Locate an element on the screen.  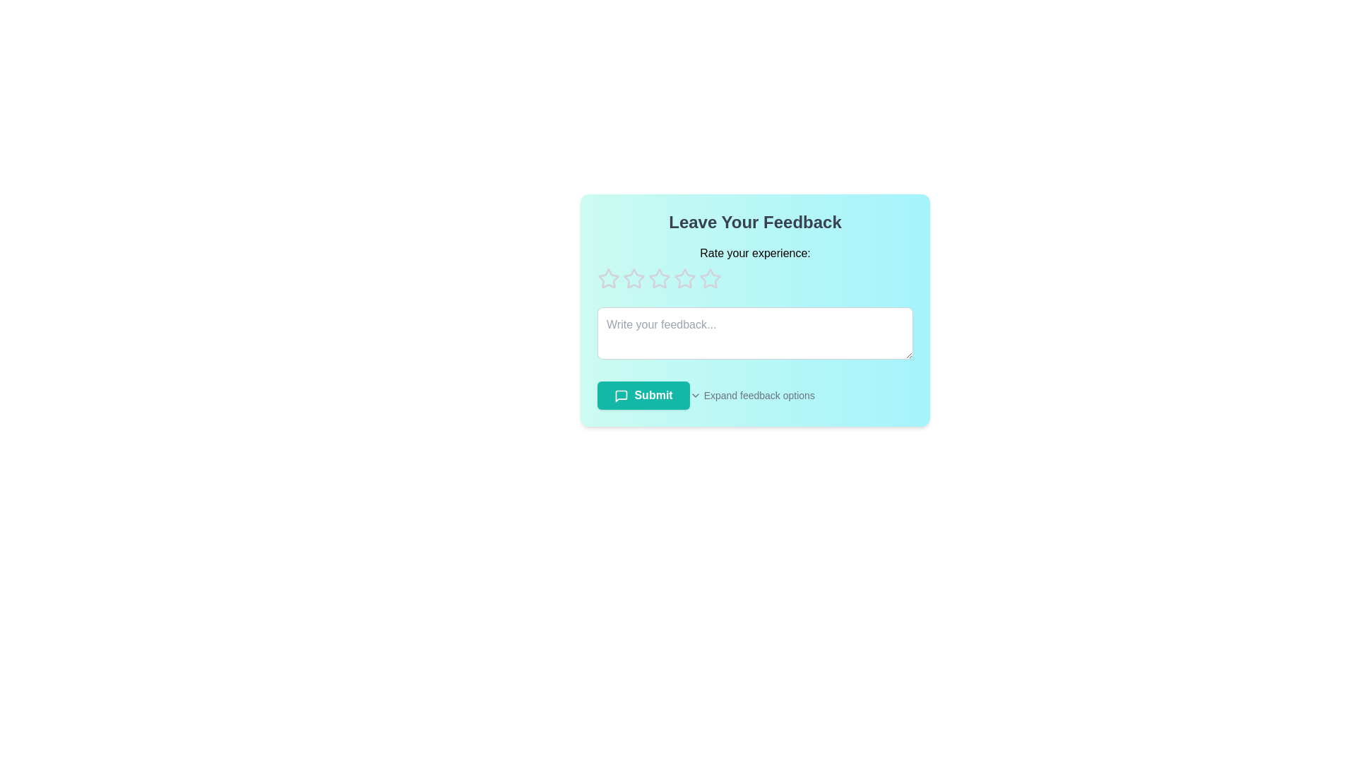
the descriptive text label associated with the dropdown control located to the right of the green 'Submit' button in the feedback section is located at coordinates (759, 395).